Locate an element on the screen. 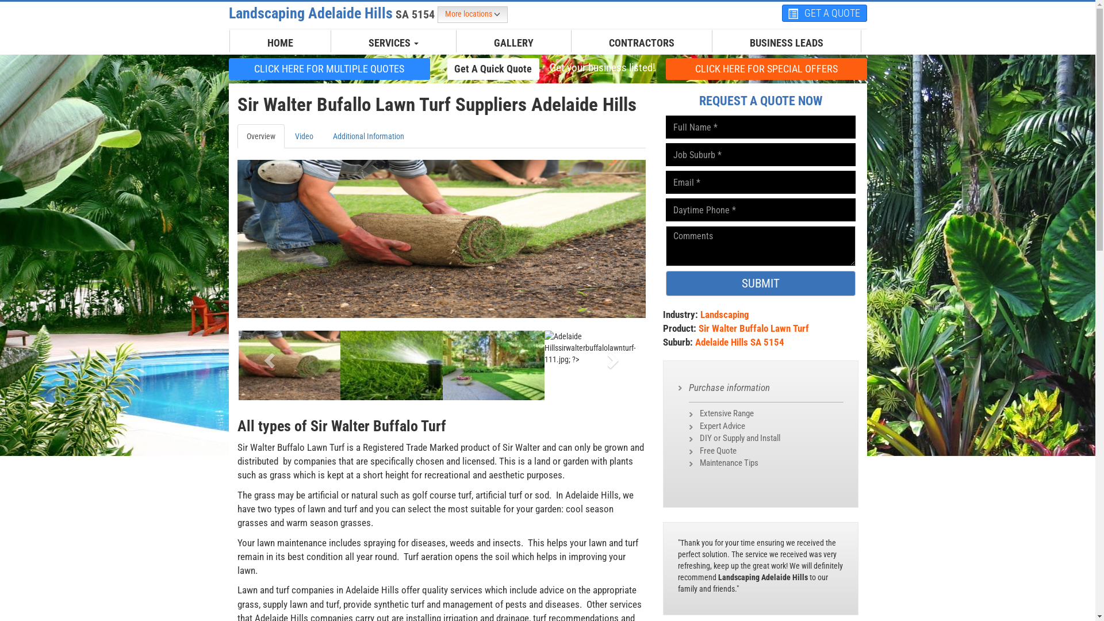  'HOME' is located at coordinates (280, 42).